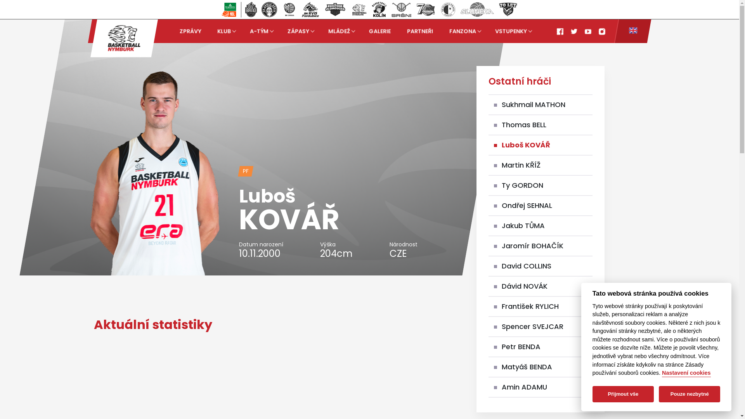 This screenshot has width=745, height=419. I want to click on 'BK Redstone Olomoucko (5.)', so click(321, 9).